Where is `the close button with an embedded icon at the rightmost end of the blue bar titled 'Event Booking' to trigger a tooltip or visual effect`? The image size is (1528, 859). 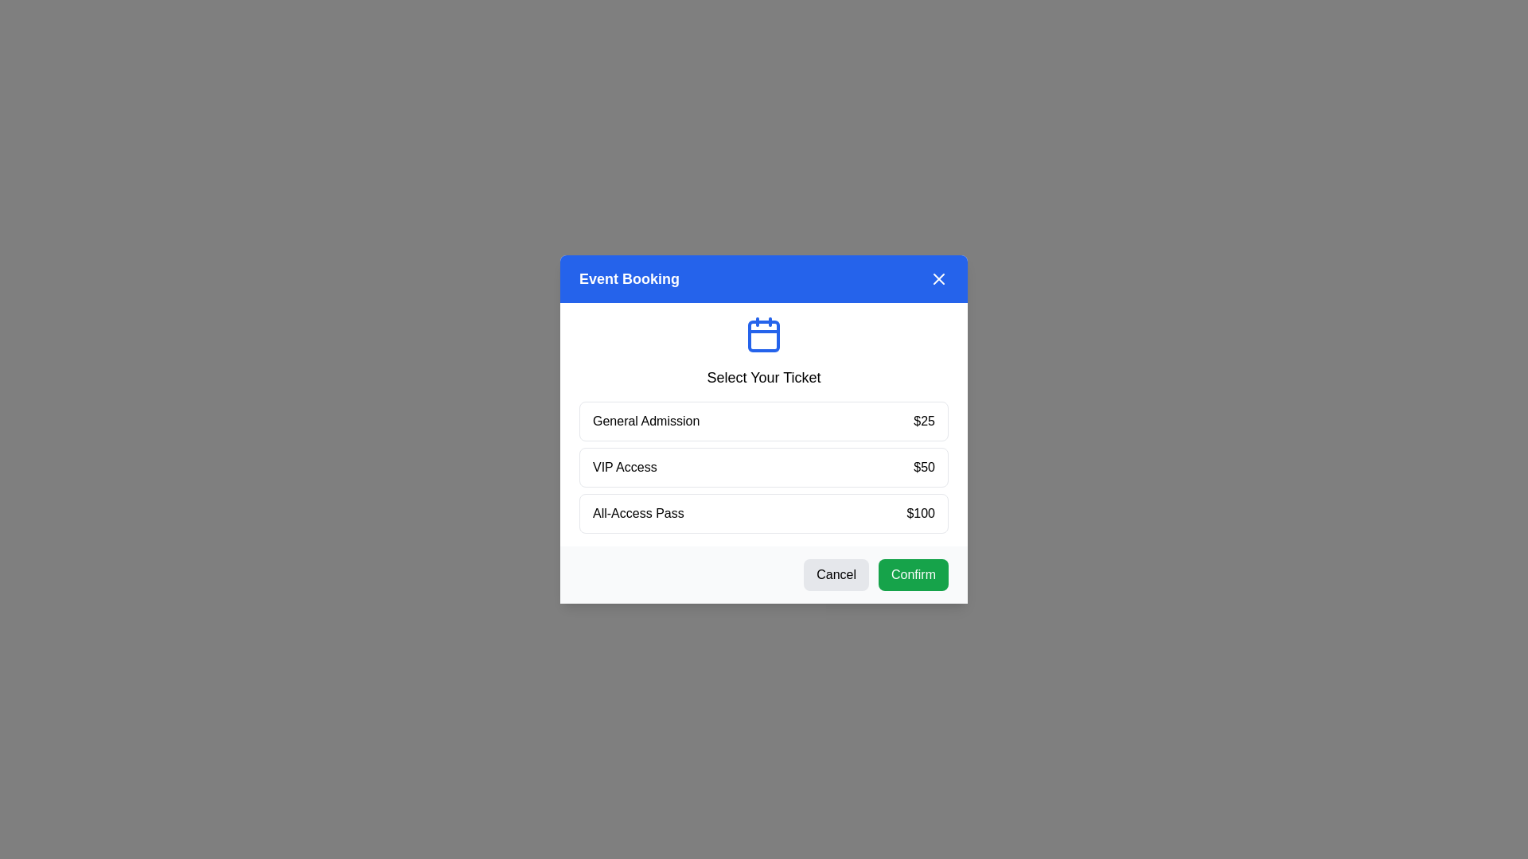 the close button with an embedded icon at the rightmost end of the blue bar titled 'Event Booking' to trigger a tooltip or visual effect is located at coordinates (939, 278).